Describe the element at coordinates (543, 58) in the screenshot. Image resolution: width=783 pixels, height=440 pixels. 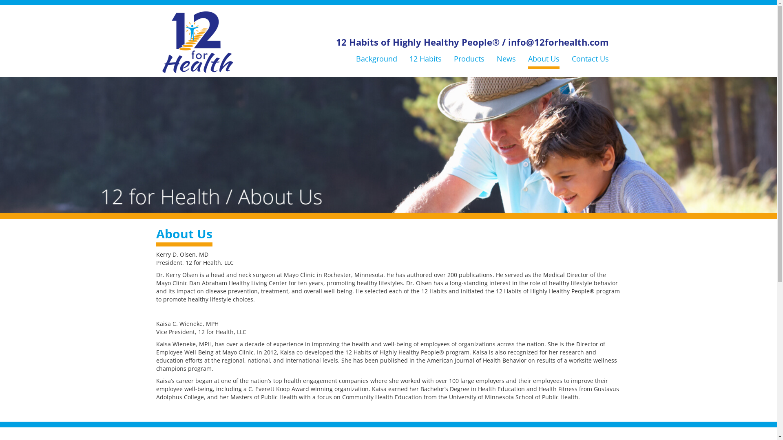
I see `'About Us'` at that location.